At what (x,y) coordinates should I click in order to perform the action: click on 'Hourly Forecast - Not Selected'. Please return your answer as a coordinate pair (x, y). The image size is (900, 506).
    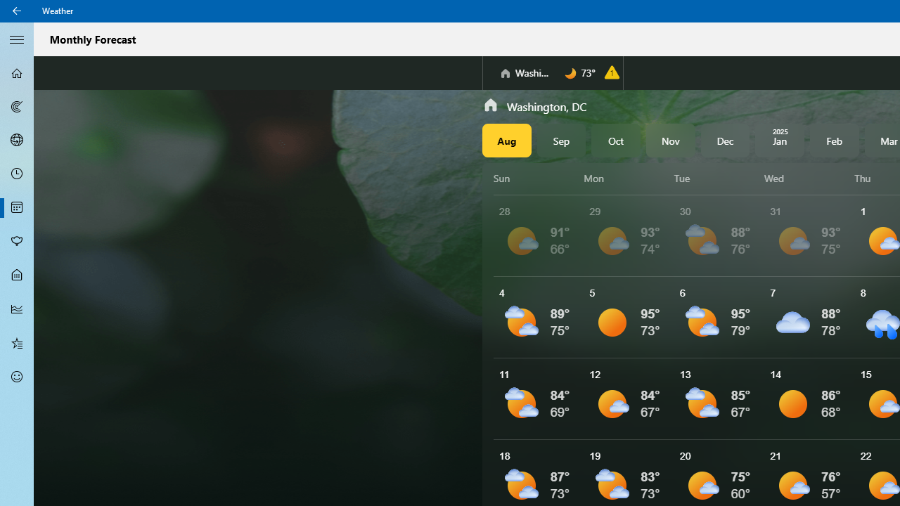
    Looking at the image, I should click on (17, 174).